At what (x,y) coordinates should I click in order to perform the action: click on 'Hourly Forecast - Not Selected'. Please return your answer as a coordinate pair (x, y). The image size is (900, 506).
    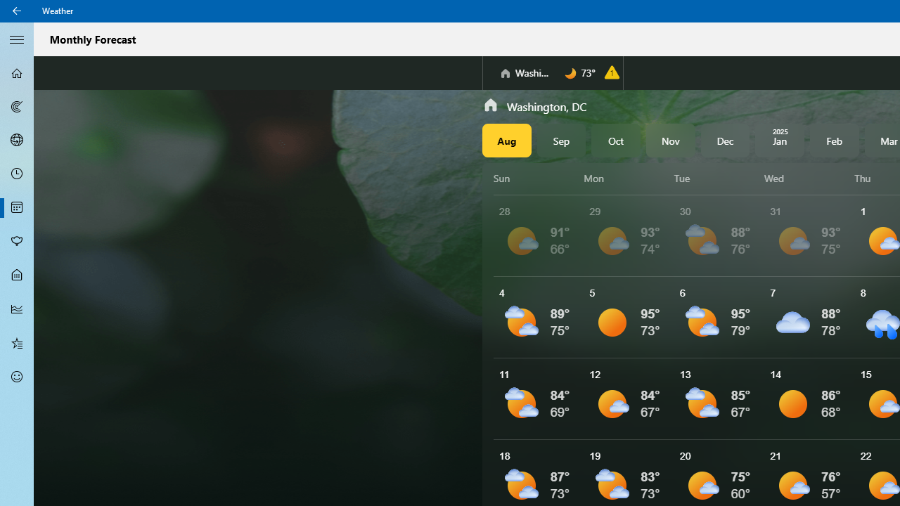
    Looking at the image, I should click on (17, 174).